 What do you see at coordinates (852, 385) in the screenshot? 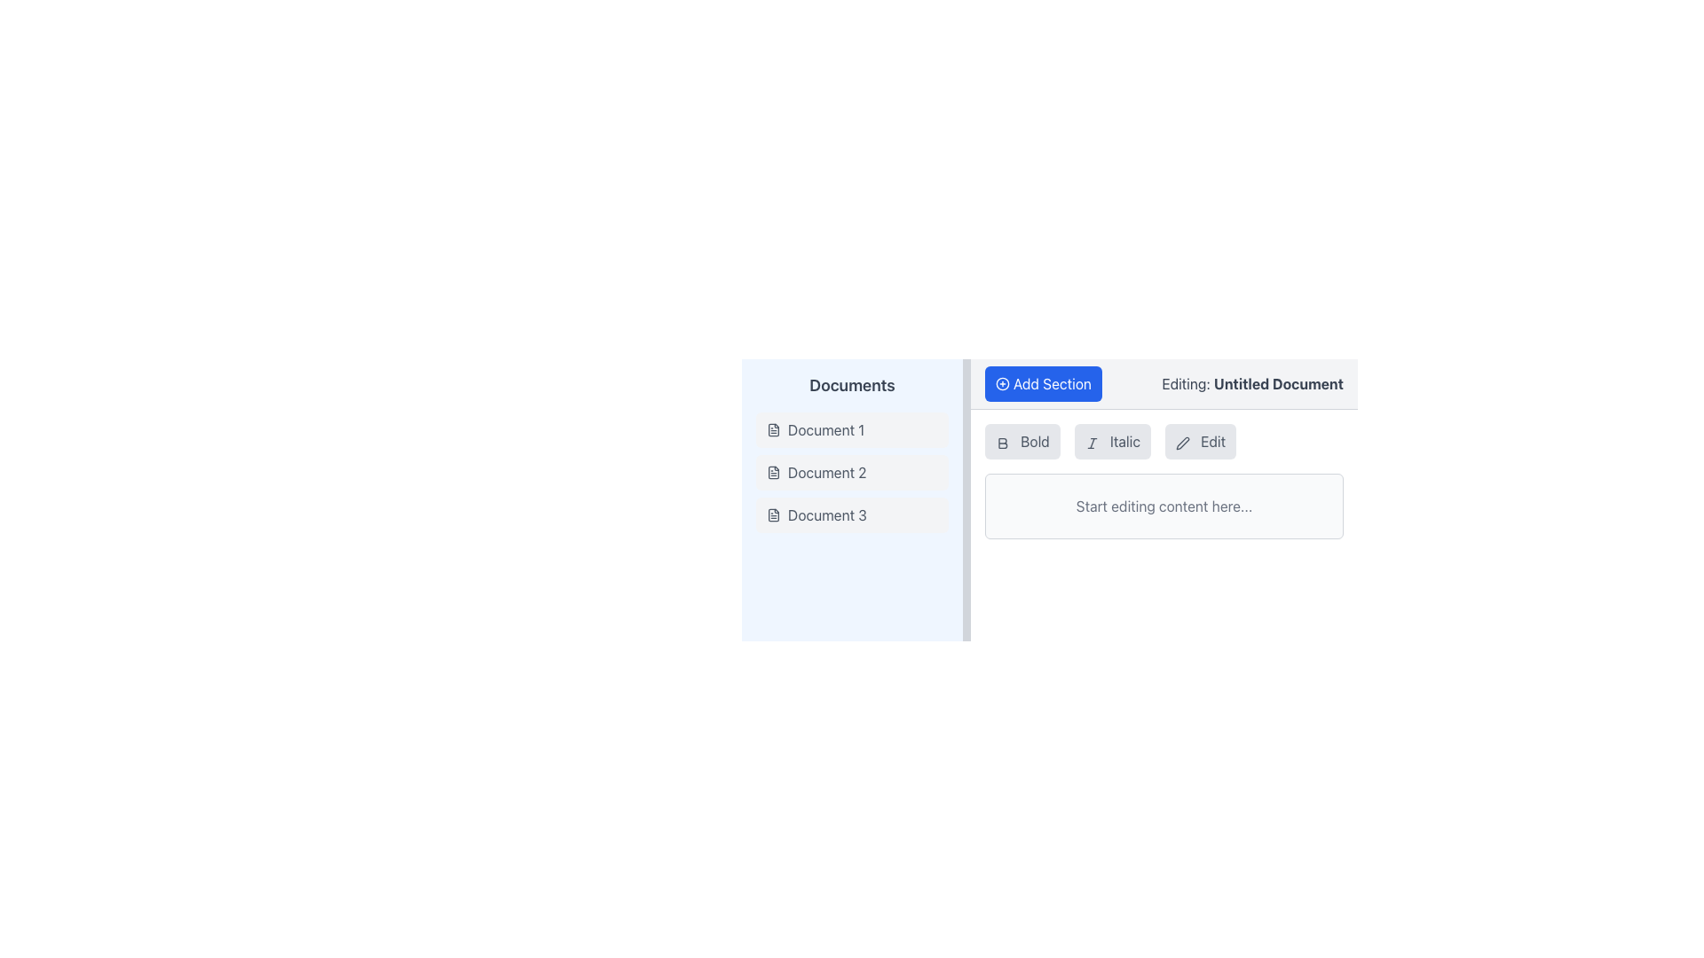
I see `the Text Label that serves as a heading for the document list in the left sidebar panel, located above 'Document 1', 'Document 2', and 'Document 3'` at bounding box center [852, 385].